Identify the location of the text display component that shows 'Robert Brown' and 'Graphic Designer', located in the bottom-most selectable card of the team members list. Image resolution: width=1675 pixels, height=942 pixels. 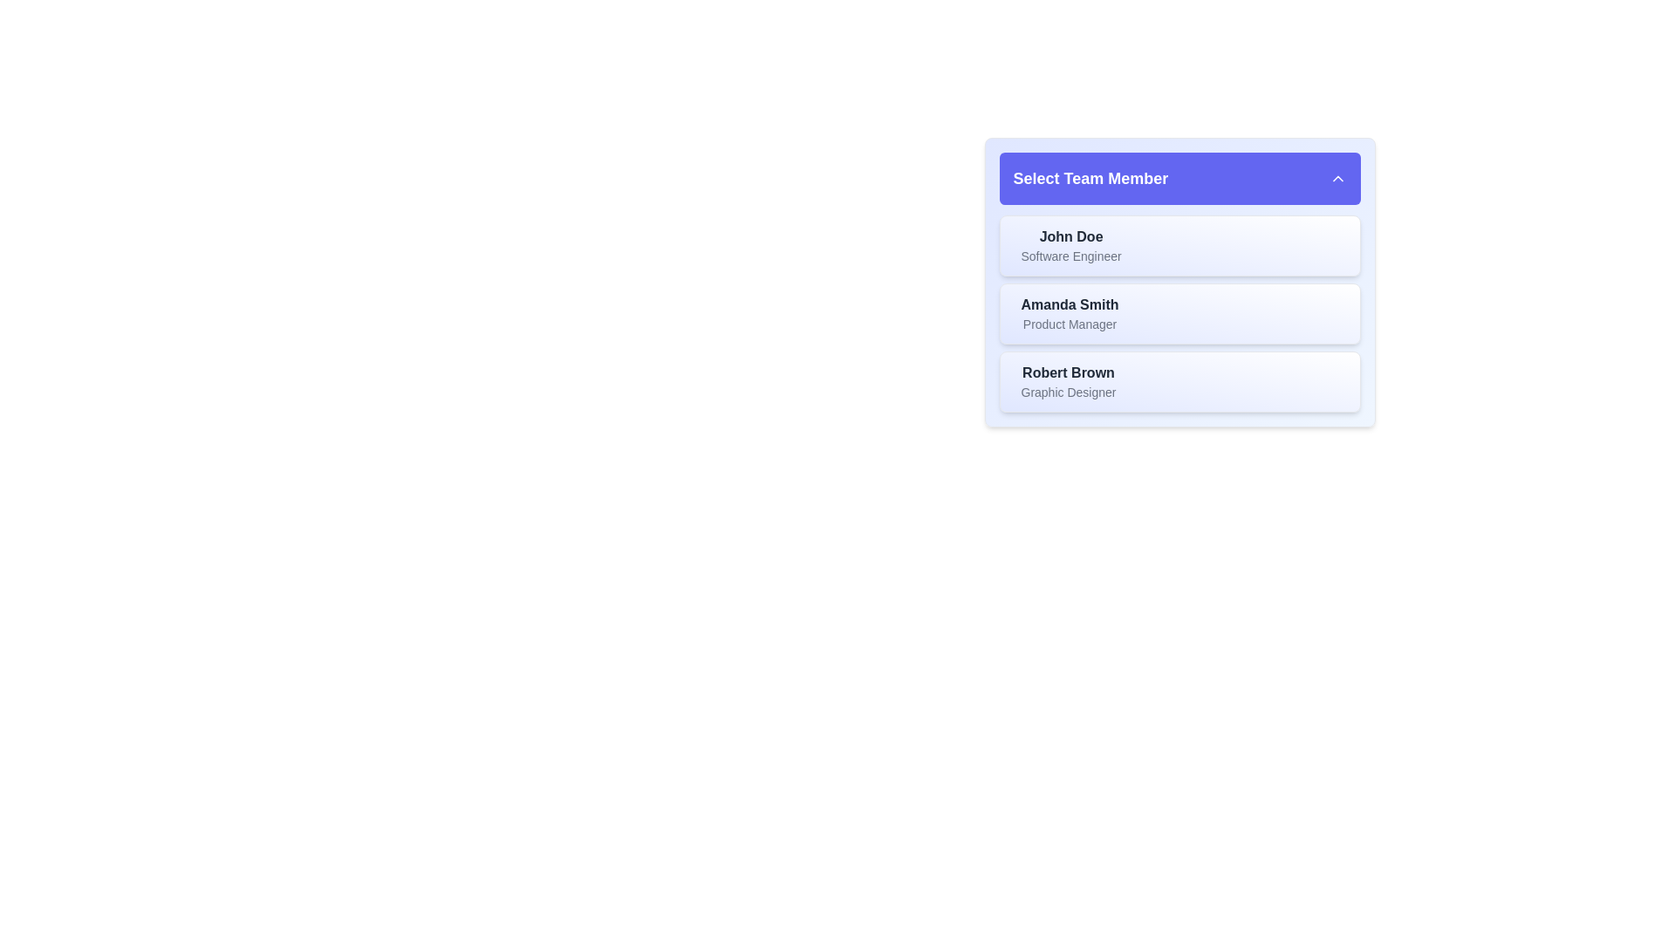
(1067, 381).